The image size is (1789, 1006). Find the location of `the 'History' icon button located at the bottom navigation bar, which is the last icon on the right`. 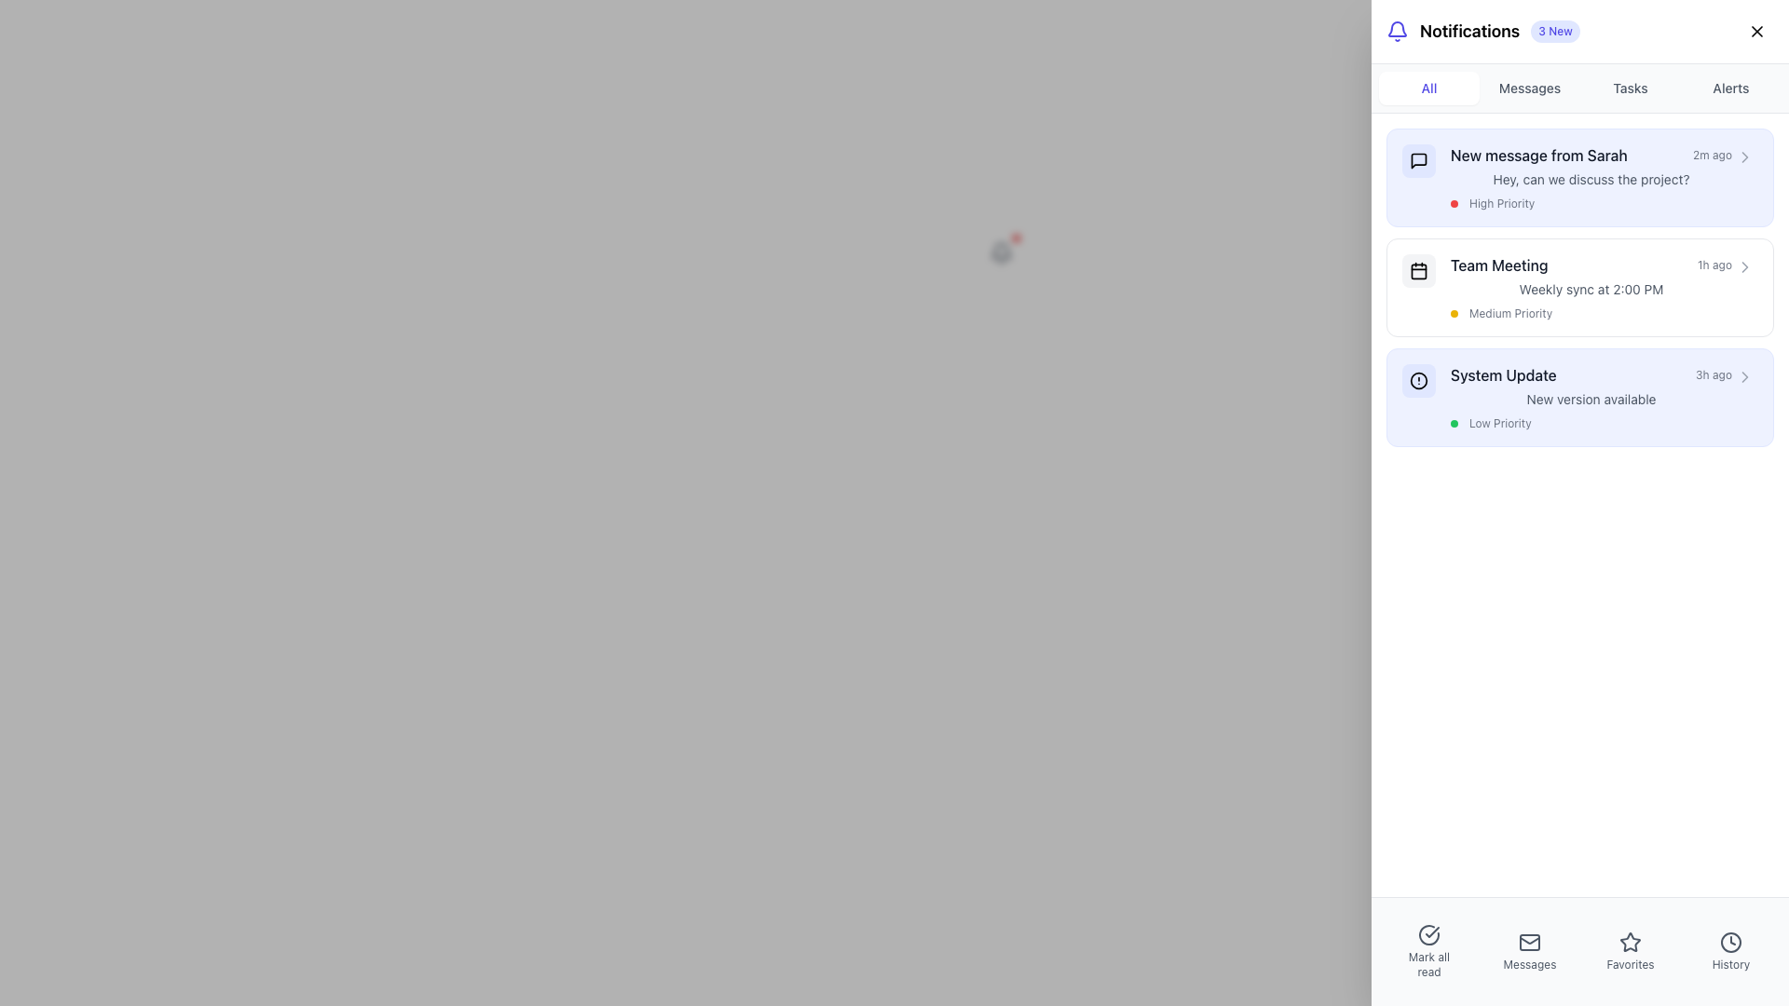

the 'History' icon button located at the bottom navigation bar, which is the last icon on the right is located at coordinates (1729, 942).